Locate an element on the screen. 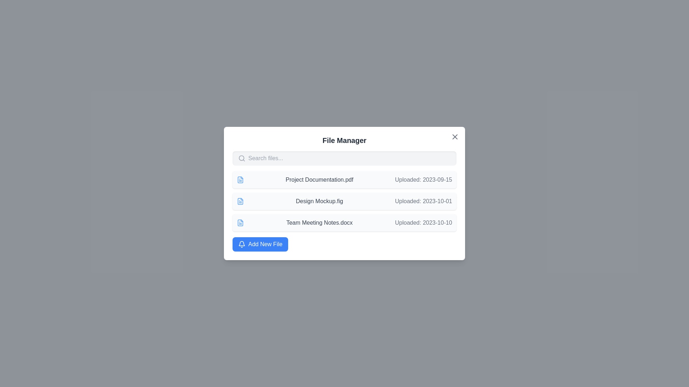  the small gray magnifying glass icon located to the left of the 'Search files...' input field is located at coordinates (242, 158).